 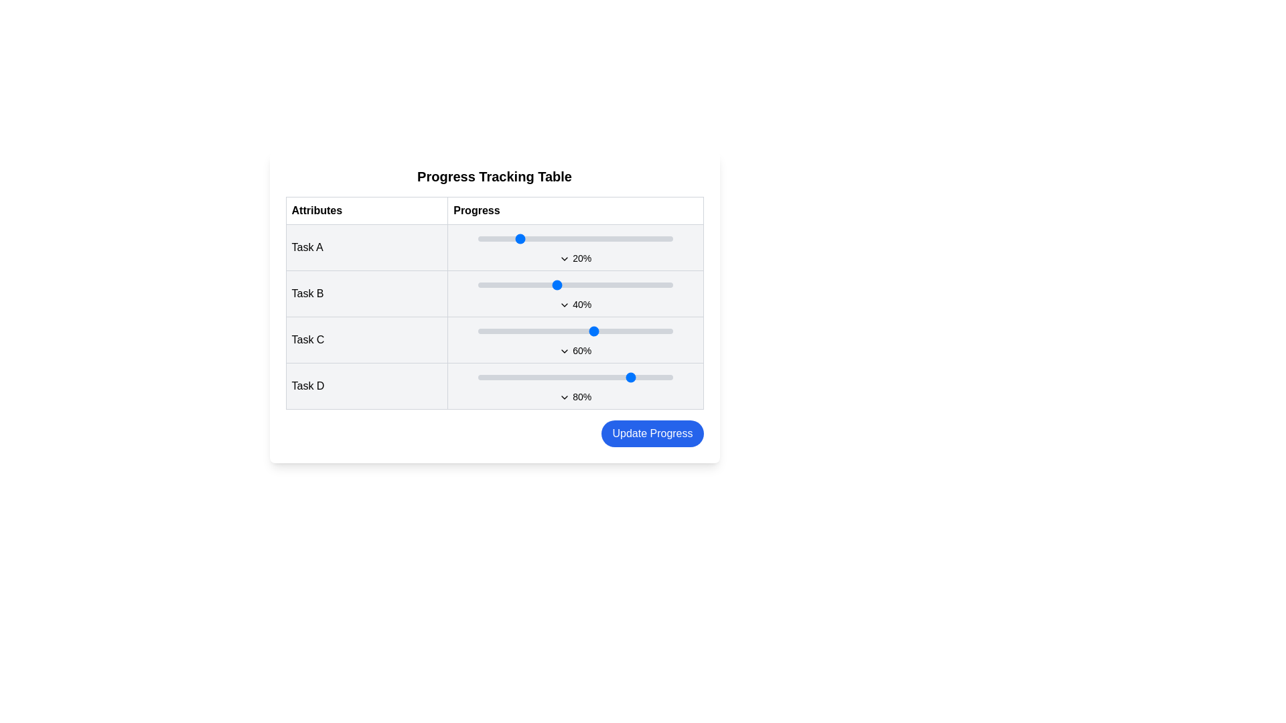 I want to click on the progress for Task C, so click(x=548, y=331).